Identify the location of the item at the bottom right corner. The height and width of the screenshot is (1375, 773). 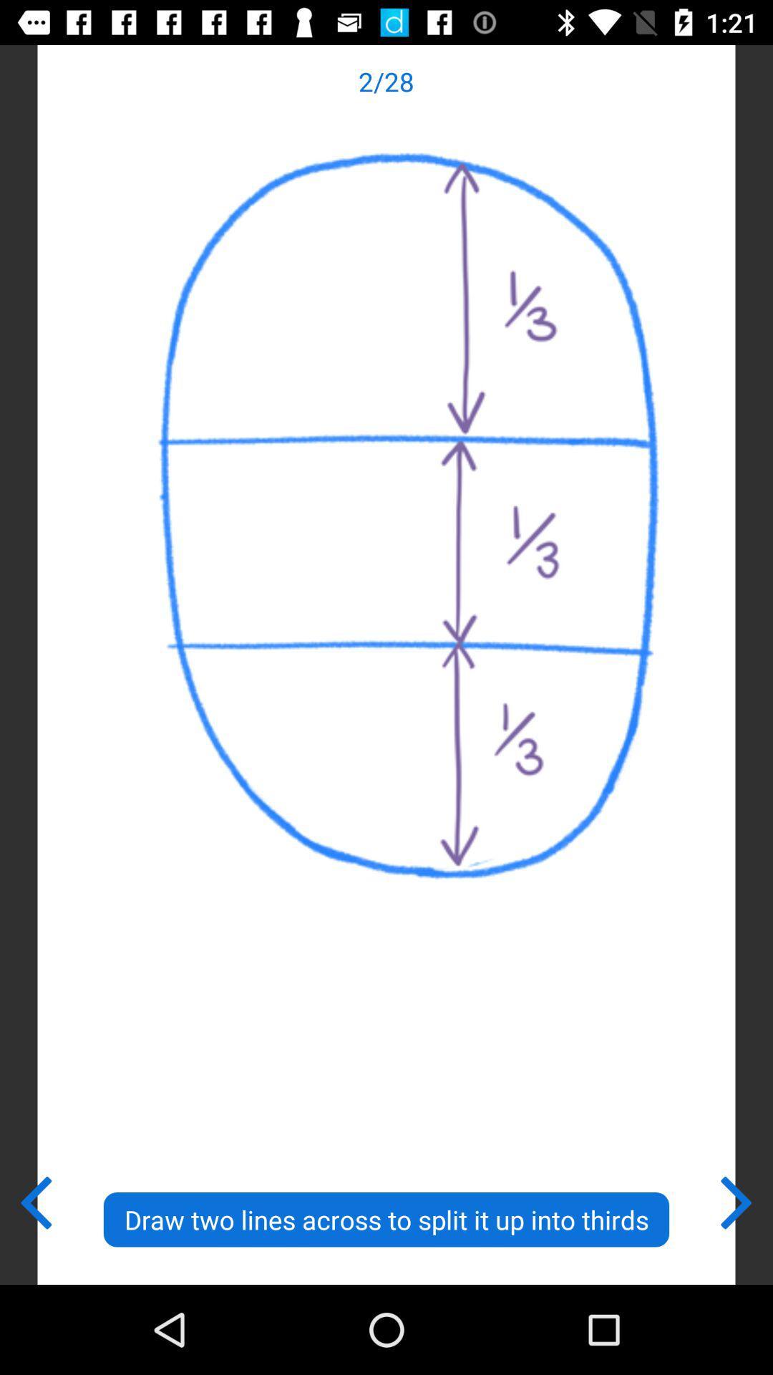
(737, 1200).